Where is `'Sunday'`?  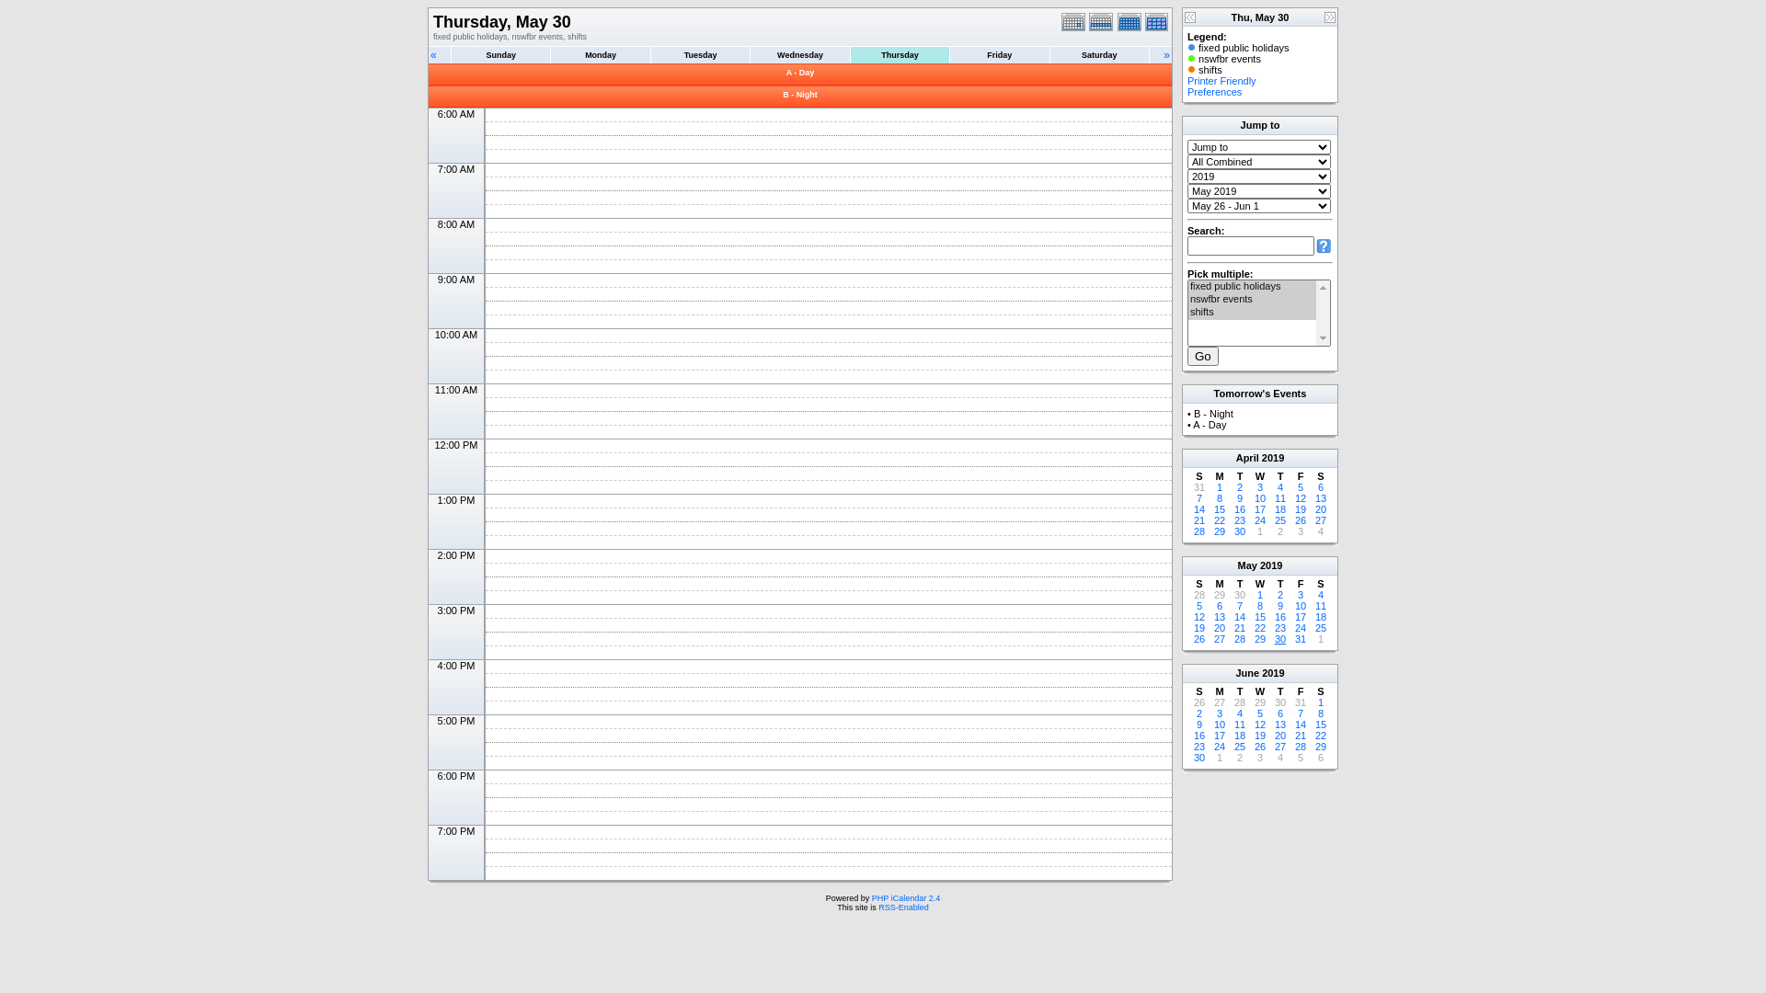
'Sunday' is located at coordinates (500, 54).